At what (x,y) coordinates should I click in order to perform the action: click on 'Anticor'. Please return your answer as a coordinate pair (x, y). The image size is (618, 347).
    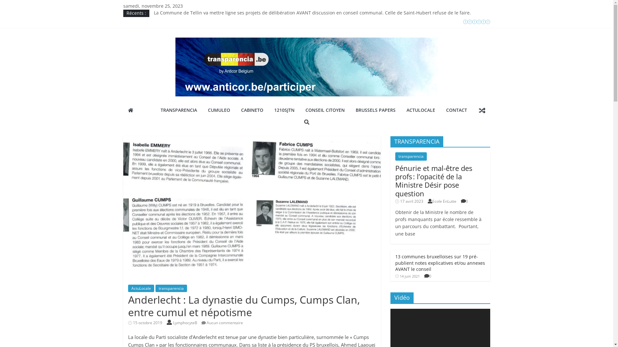
    Looking at the image, I should click on (130, 110).